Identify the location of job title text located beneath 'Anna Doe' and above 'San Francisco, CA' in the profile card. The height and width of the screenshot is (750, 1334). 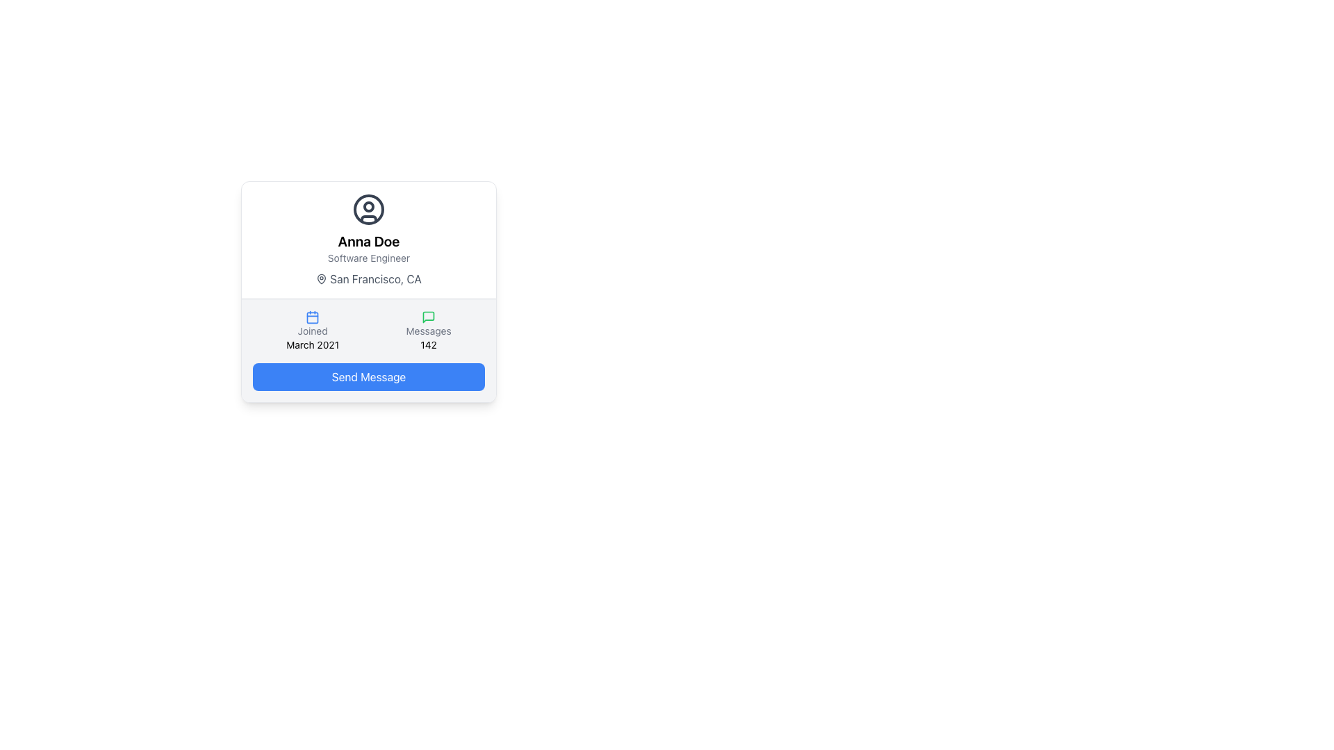
(369, 258).